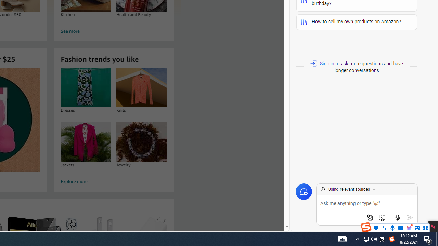 This screenshot has height=246, width=438. Describe the element at coordinates (85, 87) in the screenshot. I see `'Dresses'` at that location.